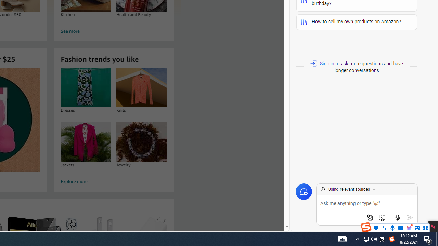 This screenshot has height=246, width=438. Describe the element at coordinates (85, 87) in the screenshot. I see `'Dresses'` at that location.